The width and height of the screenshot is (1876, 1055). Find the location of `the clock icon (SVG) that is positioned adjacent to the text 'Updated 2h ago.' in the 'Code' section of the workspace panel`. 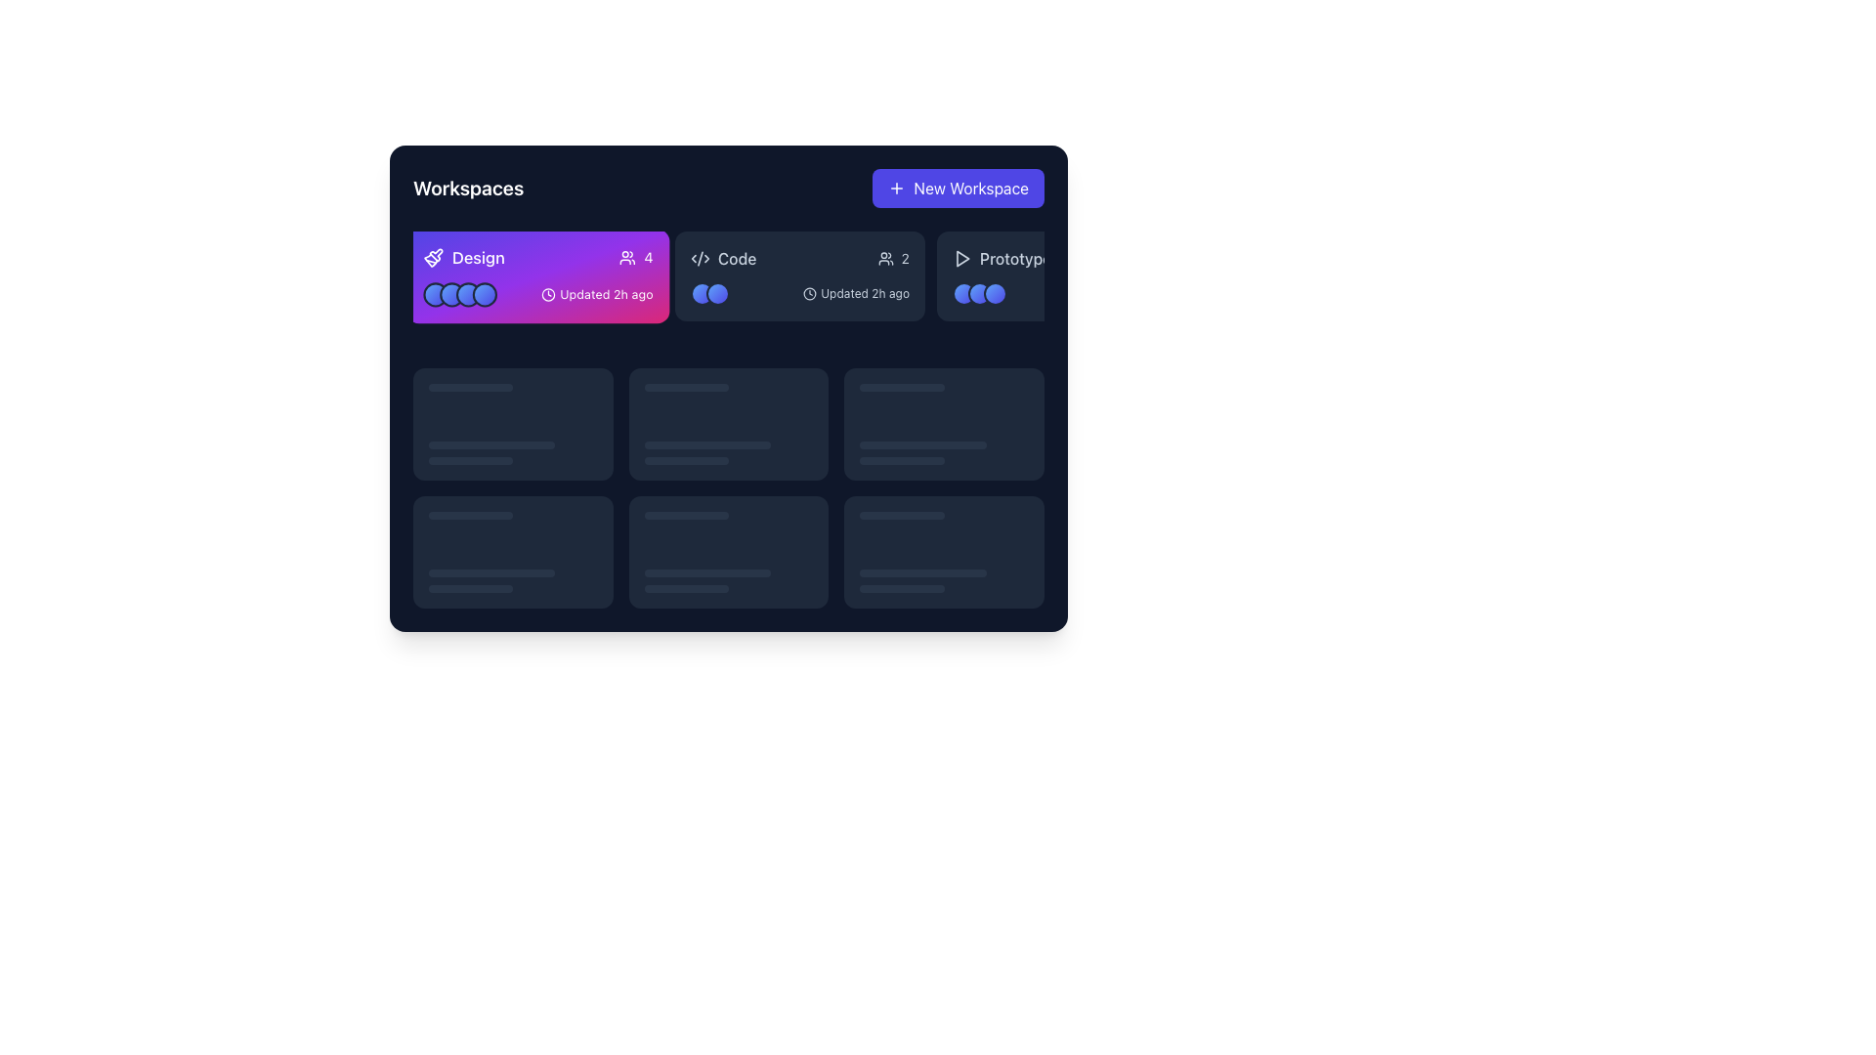

the clock icon (SVG) that is positioned adjacent to the text 'Updated 2h ago.' in the 'Code' section of the workspace panel is located at coordinates (810, 293).